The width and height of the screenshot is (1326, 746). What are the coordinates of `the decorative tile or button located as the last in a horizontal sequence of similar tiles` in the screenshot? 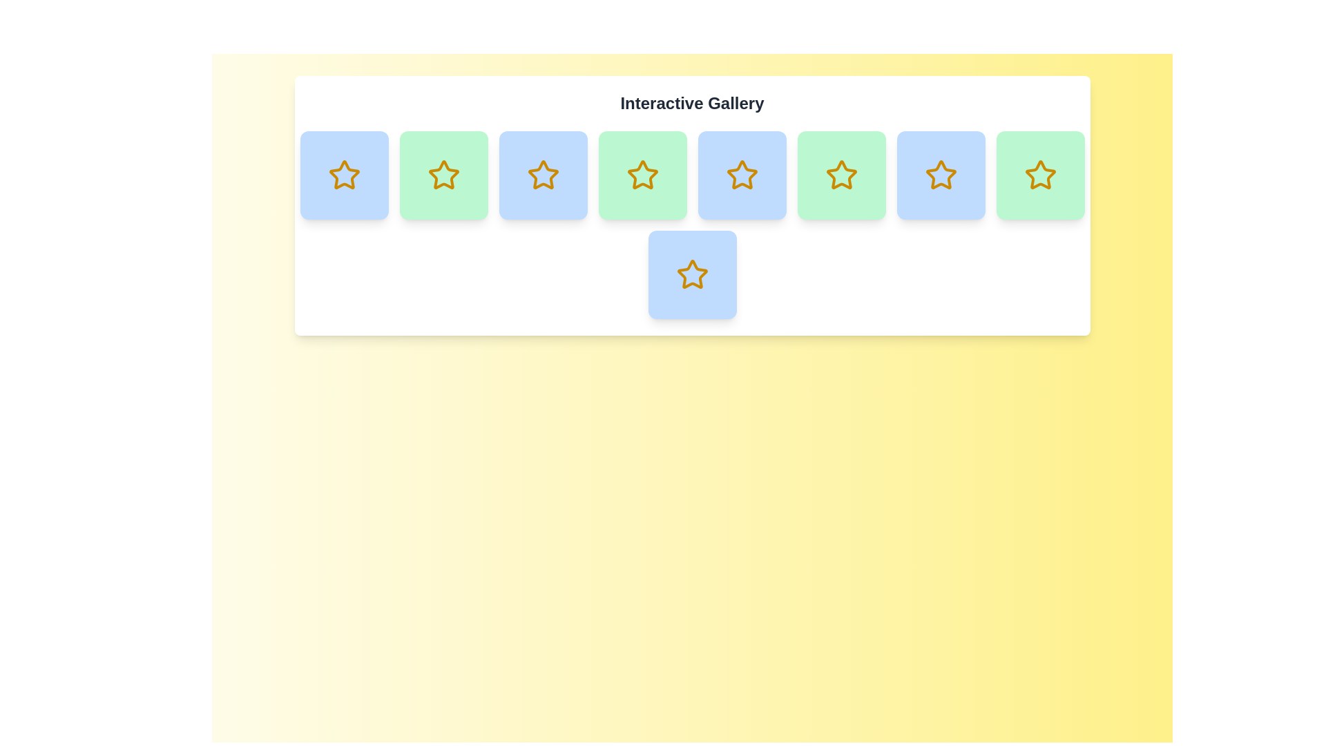 It's located at (1040, 175).